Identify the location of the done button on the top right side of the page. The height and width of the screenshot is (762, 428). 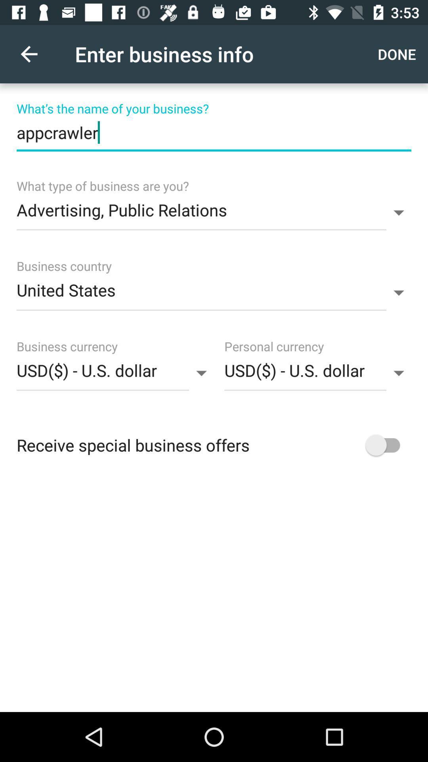
(399, 54).